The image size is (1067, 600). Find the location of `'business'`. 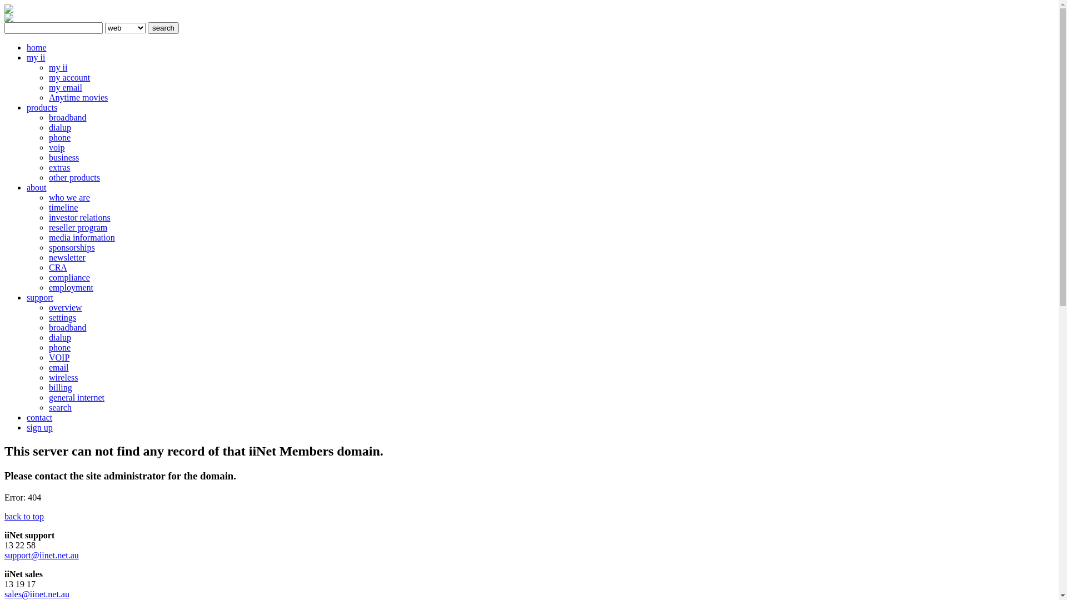

'business' is located at coordinates (63, 157).